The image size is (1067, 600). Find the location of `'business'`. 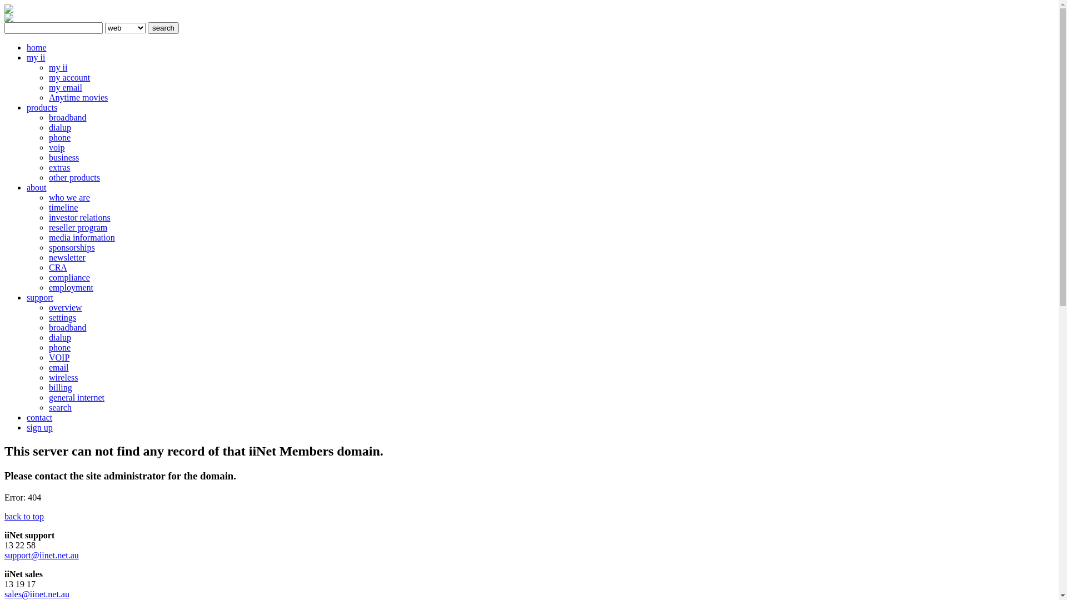

'business' is located at coordinates (63, 157).